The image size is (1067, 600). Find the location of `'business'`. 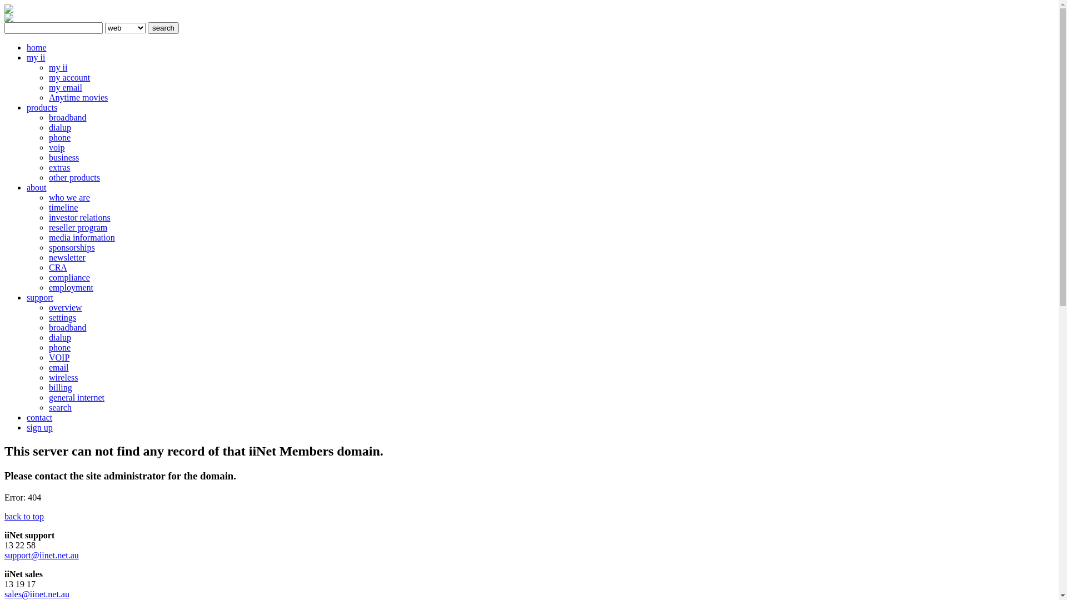

'business' is located at coordinates (63, 157).